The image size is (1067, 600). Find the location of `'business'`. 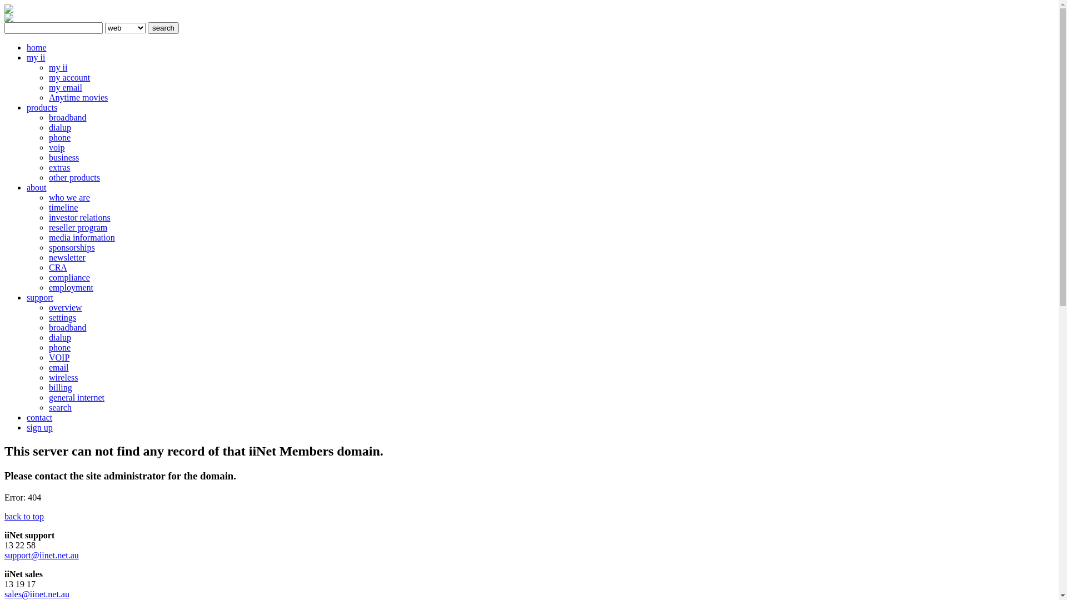

'business' is located at coordinates (63, 157).